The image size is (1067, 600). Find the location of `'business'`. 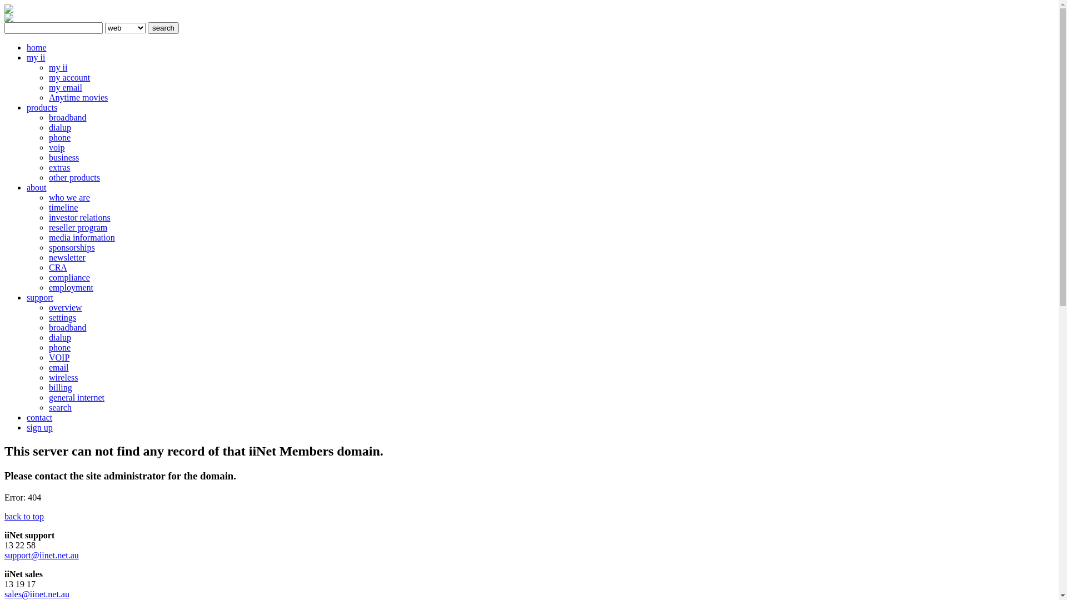

'business' is located at coordinates (63, 157).